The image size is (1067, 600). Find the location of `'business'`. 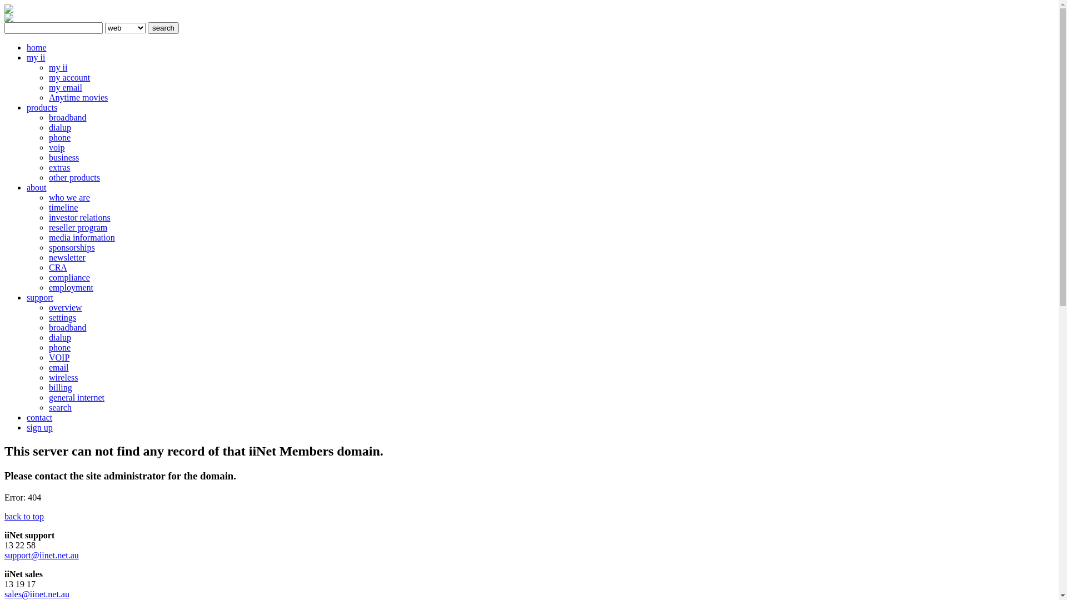

'business' is located at coordinates (63, 157).